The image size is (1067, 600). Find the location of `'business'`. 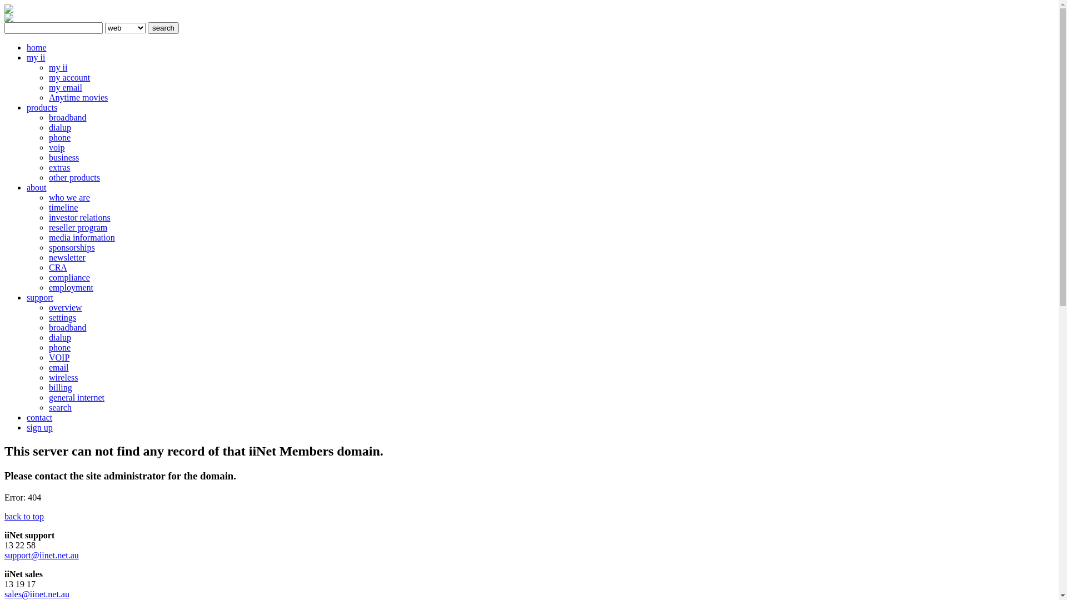

'business' is located at coordinates (63, 157).